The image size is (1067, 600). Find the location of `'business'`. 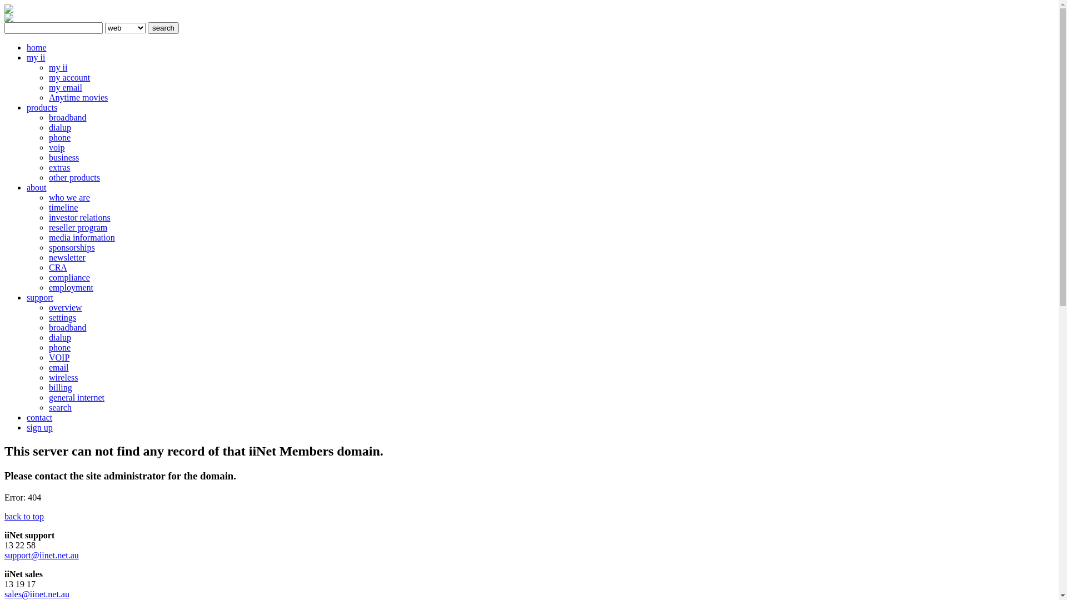

'business' is located at coordinates (63, 157).